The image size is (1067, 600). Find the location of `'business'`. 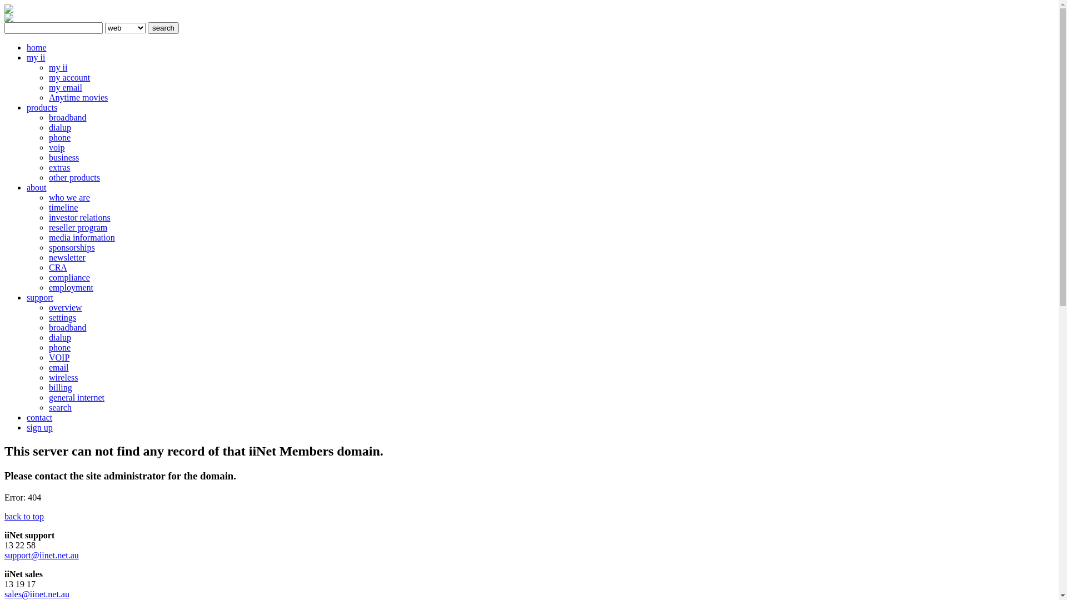

'business' is located at coordinates (63, 157).